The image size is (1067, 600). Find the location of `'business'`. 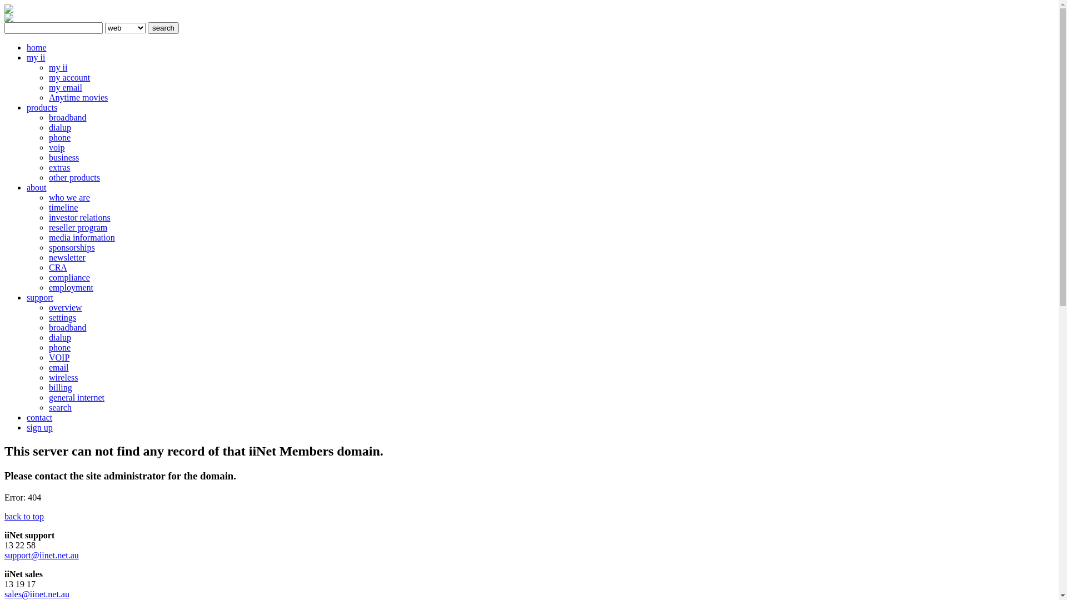

'business' is located at coordinates (63, 157).